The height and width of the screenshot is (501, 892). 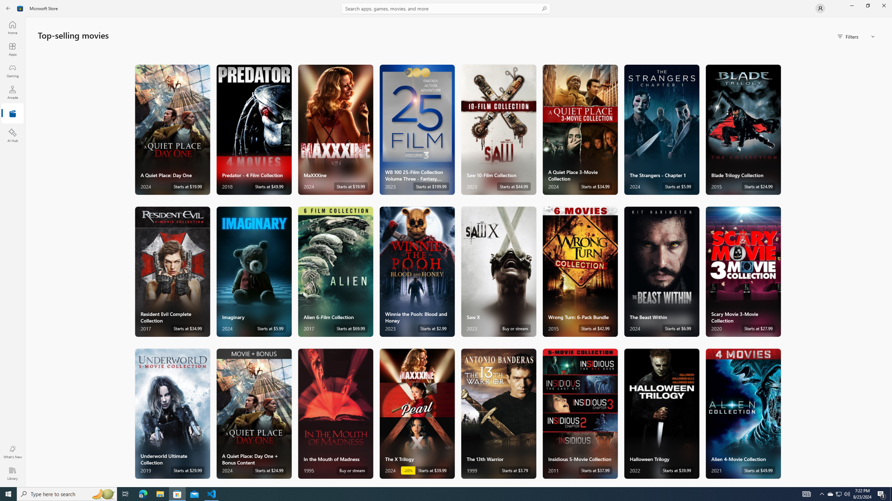 I want to click on 'Close Microsoft Store', so click(x=883, y=5).